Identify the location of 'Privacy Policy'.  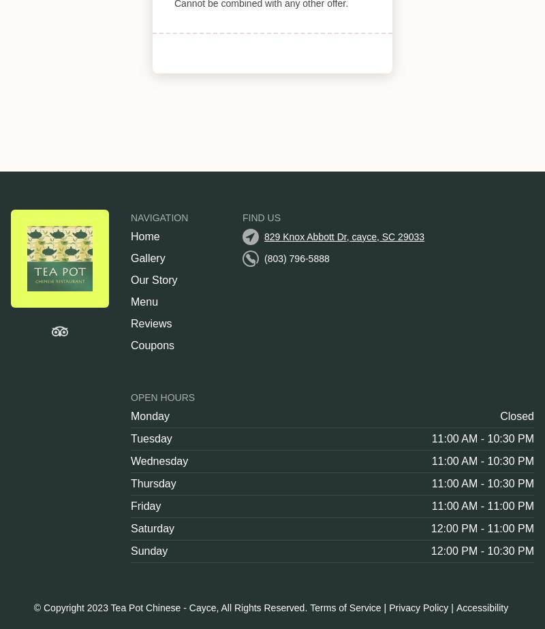
(388, 608).